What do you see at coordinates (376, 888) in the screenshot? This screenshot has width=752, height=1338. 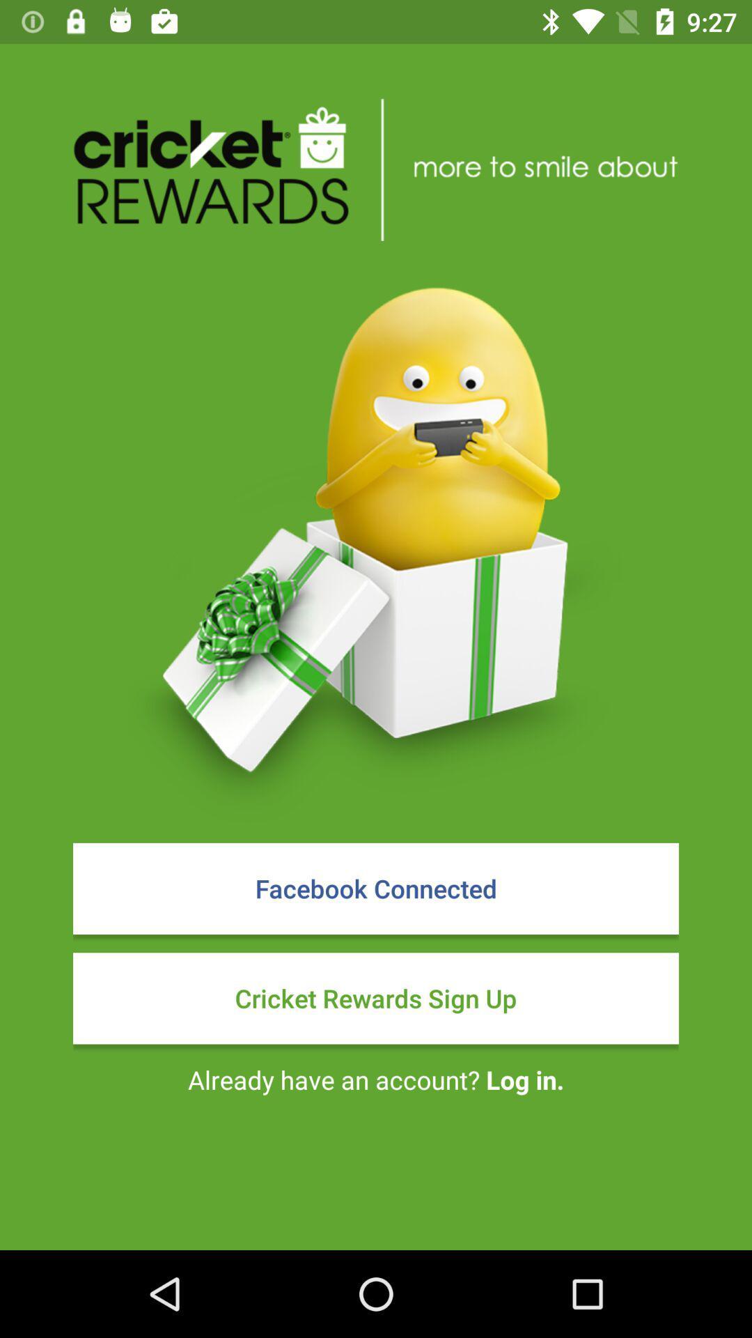 I see `item above the cricket rewards sign icon` at bounding box center [376, 888].